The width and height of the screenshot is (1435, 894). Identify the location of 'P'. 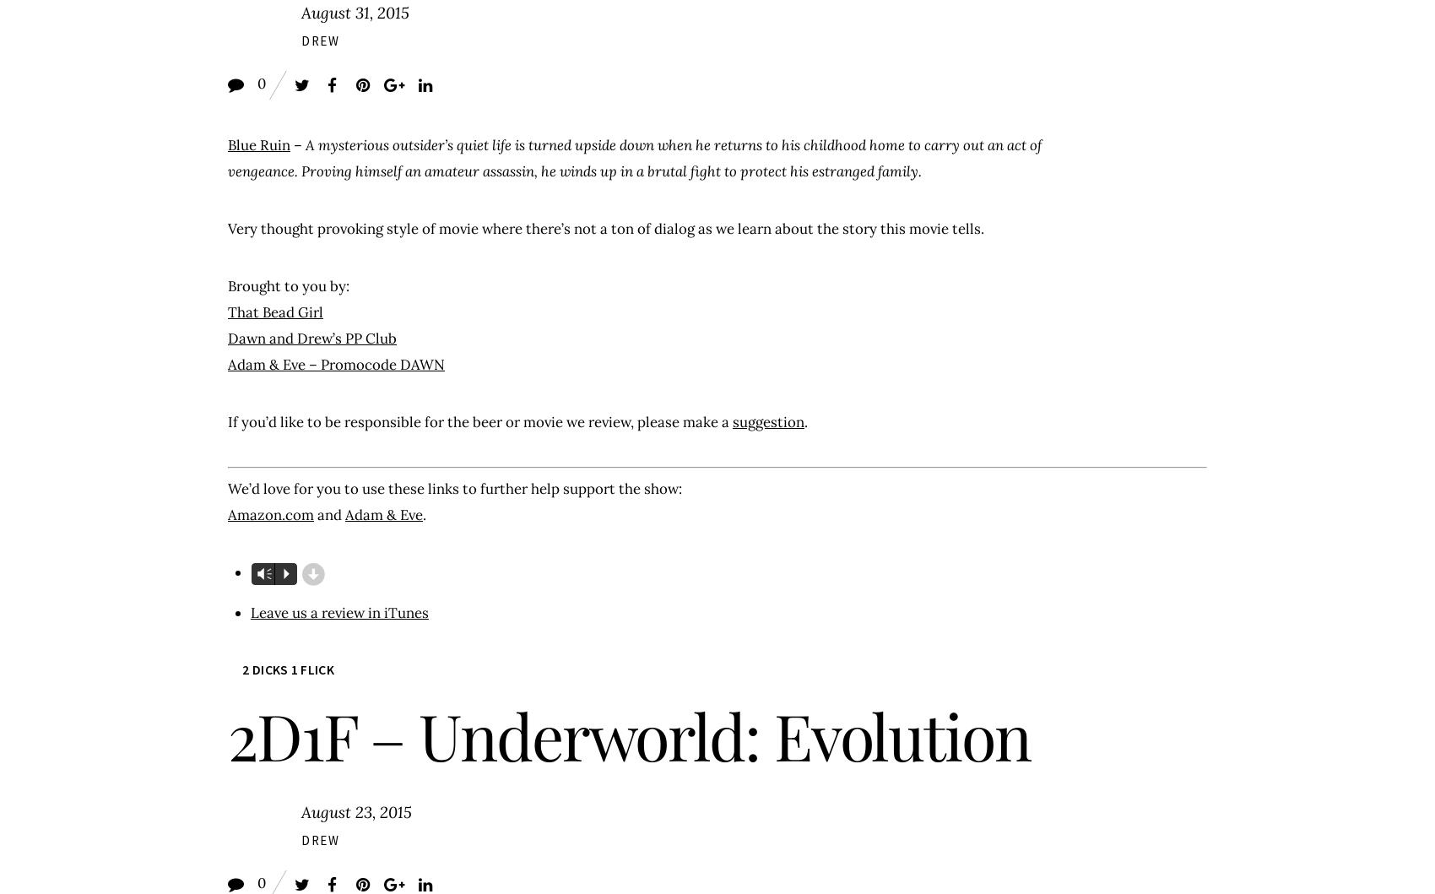
(284, 573).